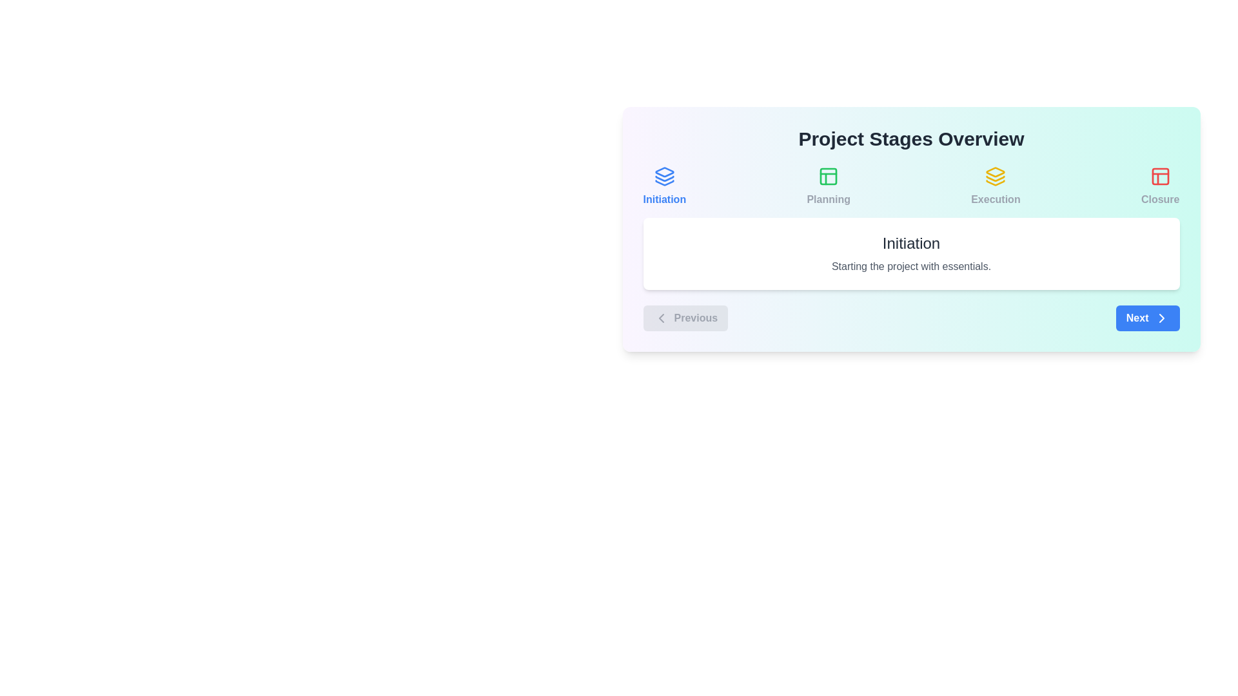 The image size is (1238, 696). I want to click on on the 'Closure' phase label located below the red panel icon in the top-right corner of the Project Stages Overview, so click(1160, 199).